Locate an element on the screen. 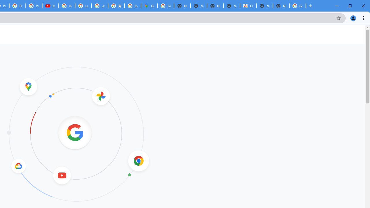  'Google Images' is located at coordinates (297, 6).